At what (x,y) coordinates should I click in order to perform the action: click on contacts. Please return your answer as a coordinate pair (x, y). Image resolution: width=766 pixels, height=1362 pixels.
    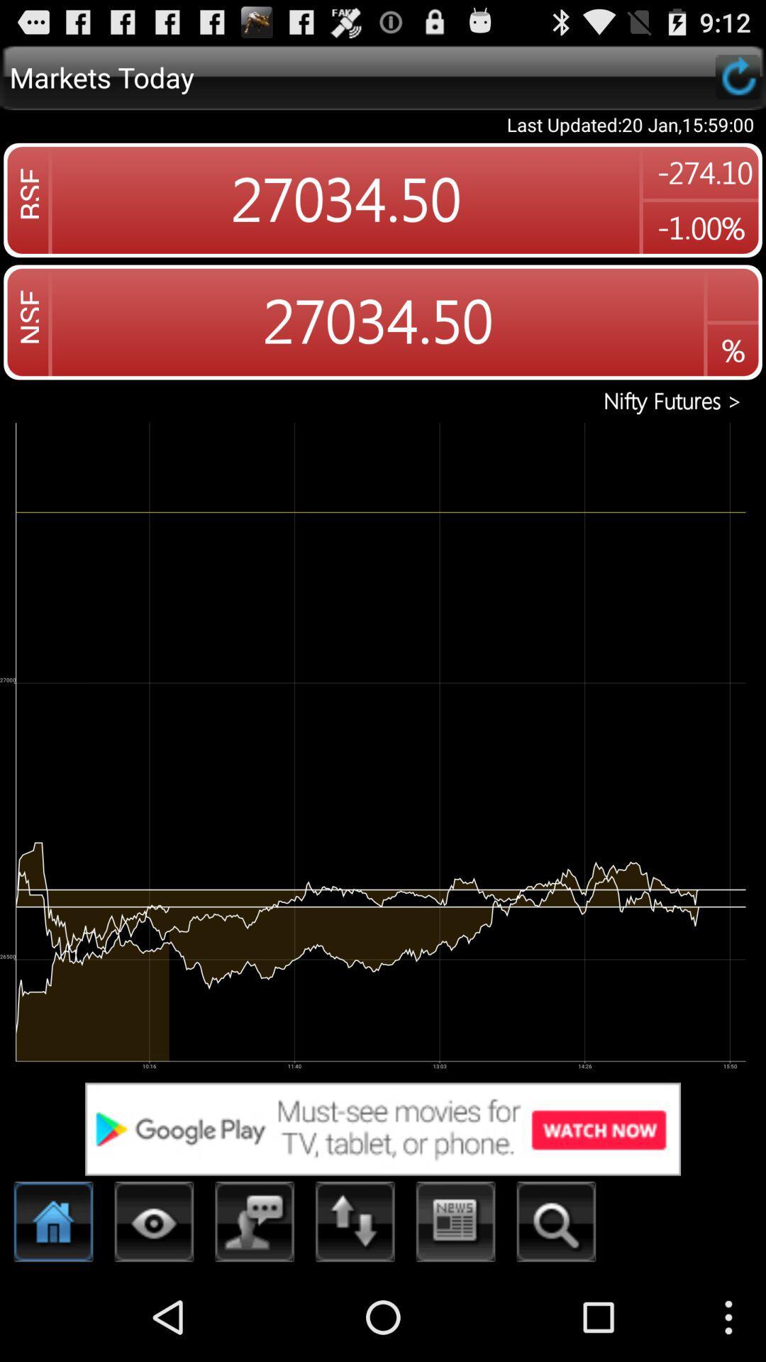
    Looking at the image, I should click on (254, 1225).